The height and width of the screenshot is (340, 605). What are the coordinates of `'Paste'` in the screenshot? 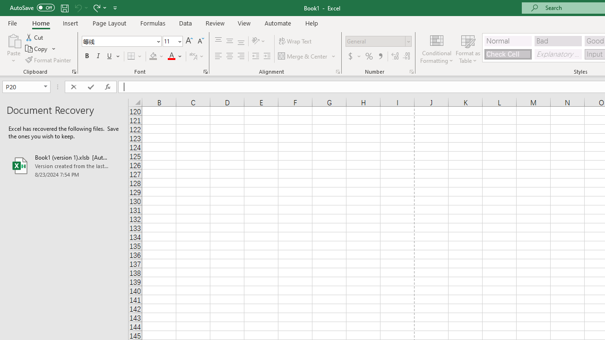 It's located at (13, 40).